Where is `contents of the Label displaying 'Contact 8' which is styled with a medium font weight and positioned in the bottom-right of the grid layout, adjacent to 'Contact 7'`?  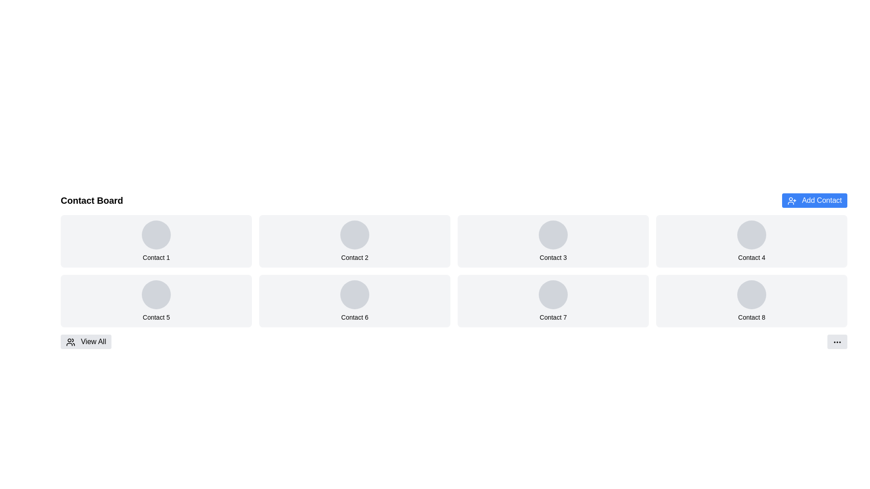
contents of the Label displaying 'Contact 8' which is styled with a medium font weight and positioned in the bottom-right of the grid layout, adjacent to 'Contact 7' is located at coordinates (752, 317).